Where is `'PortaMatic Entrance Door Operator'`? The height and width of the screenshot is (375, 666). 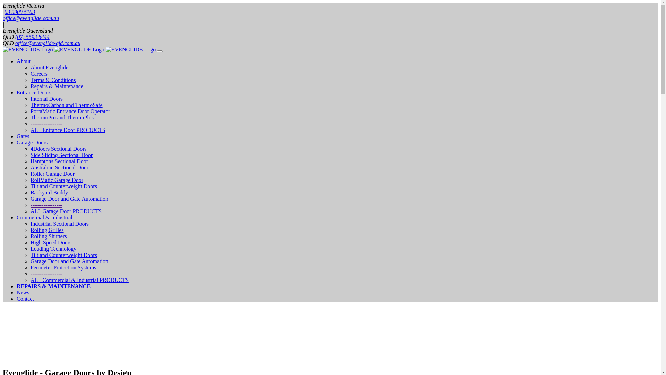 'PortaMatic Entrance Door Operator' is located at coordinates (30, 111).